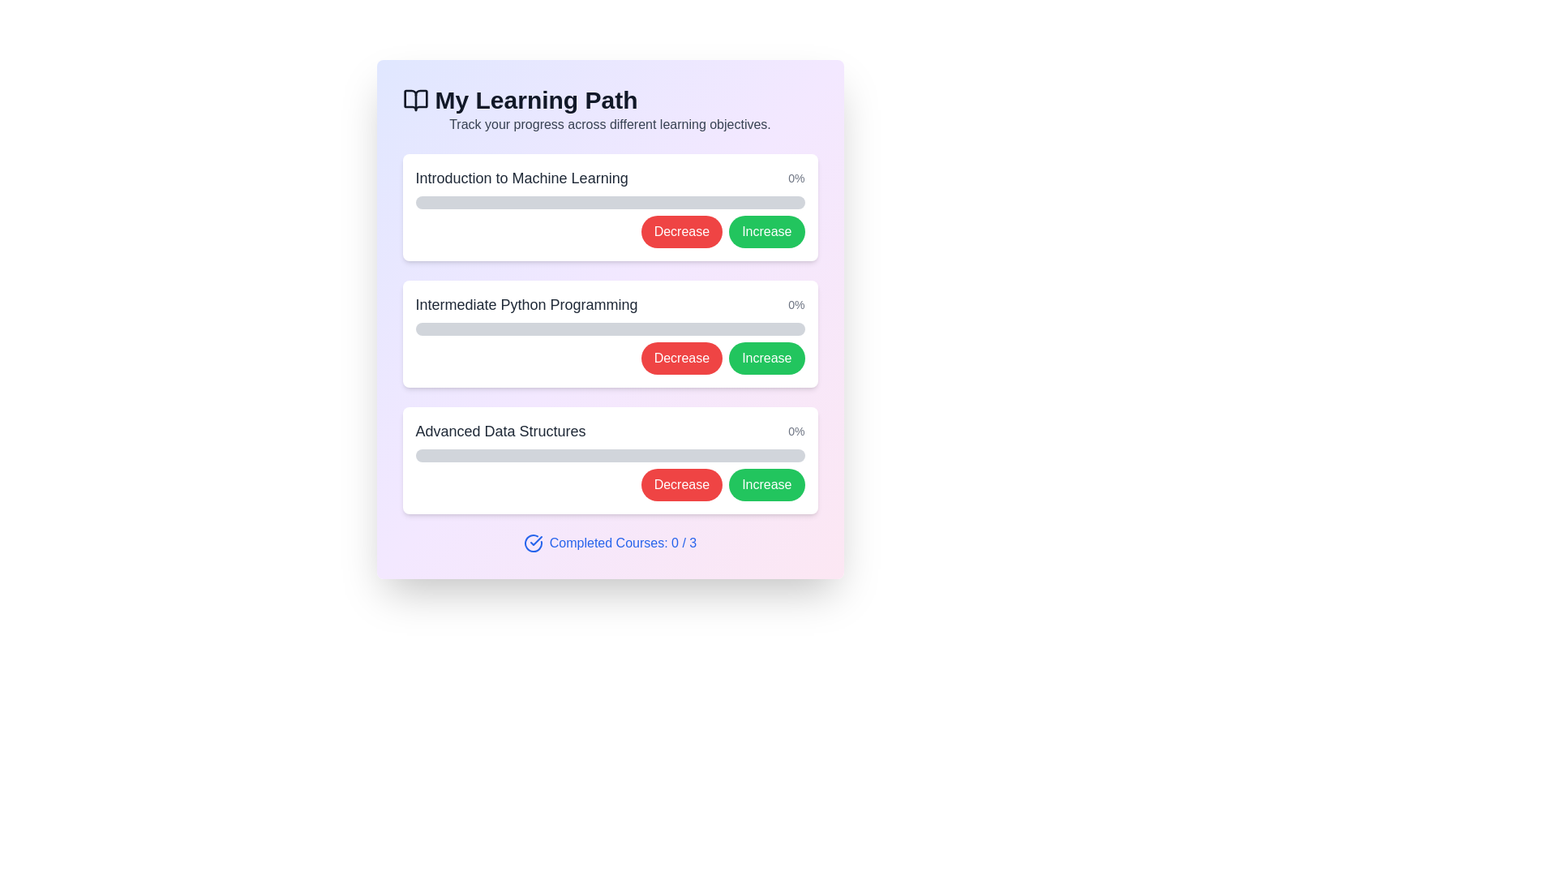 This screenshot has height=876, width=1557. Describe the element at coordinates (609, 304) in the screenshot. I see `the text element displaying 'Intermediate Python Programming' and '0%' which is part of a course entry in a vertical list` at that location.